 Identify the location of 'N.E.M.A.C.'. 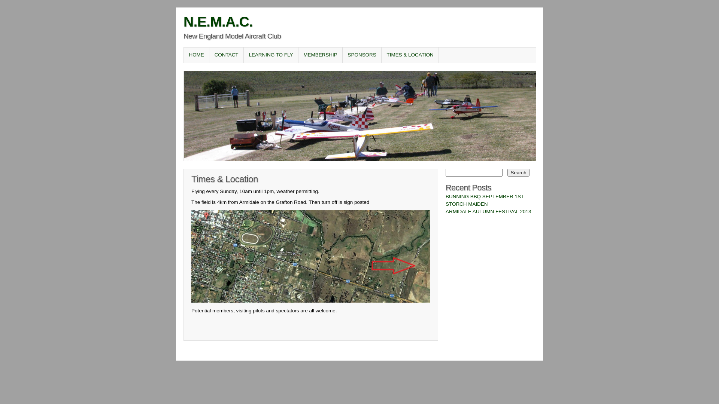
(218, 21).